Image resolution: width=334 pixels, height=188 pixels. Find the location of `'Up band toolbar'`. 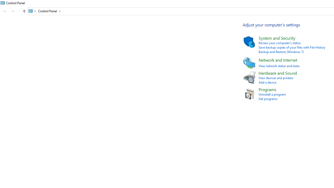

'Up band toolbar' is located at coordinates (24, 12).